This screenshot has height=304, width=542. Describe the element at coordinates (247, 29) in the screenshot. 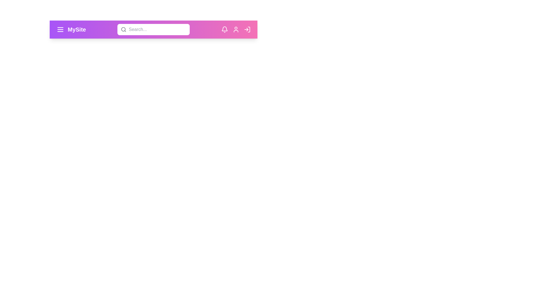

I see `the login icon to initiate the login process` at that location.